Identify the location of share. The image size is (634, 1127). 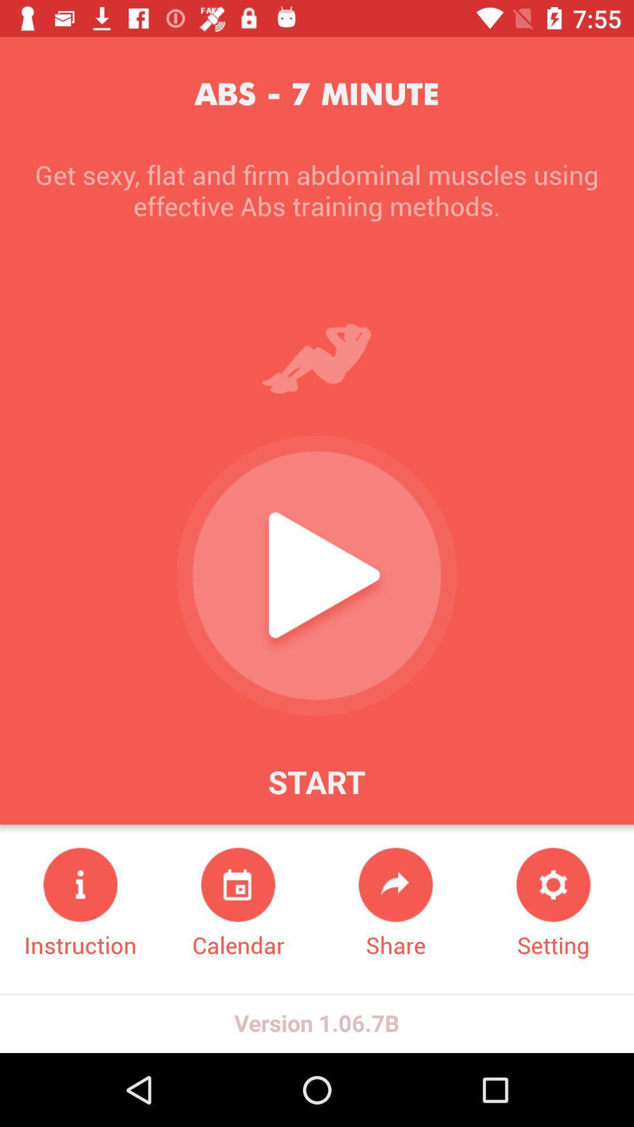
(396, 903).